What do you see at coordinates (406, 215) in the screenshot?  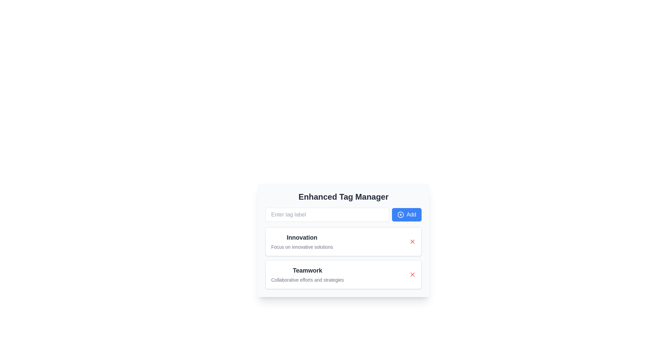 I see `the blue 'Add' button with a plus icon` at bounding box center [406, 215].